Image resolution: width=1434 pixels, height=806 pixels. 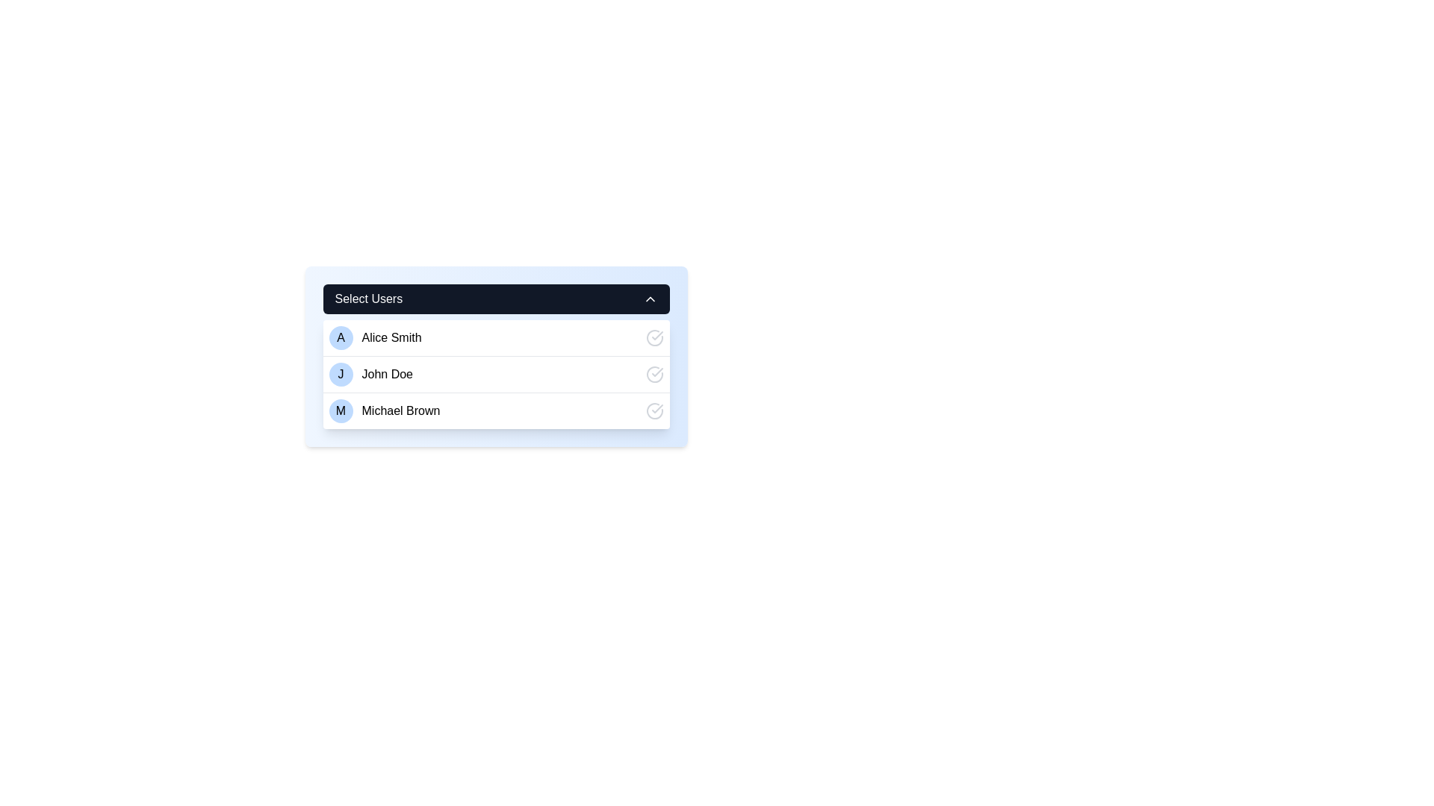 I want to click on the static text label 'John Doe' in the user selection list to visually identify the associated user entry, so click(x=387, y=373).